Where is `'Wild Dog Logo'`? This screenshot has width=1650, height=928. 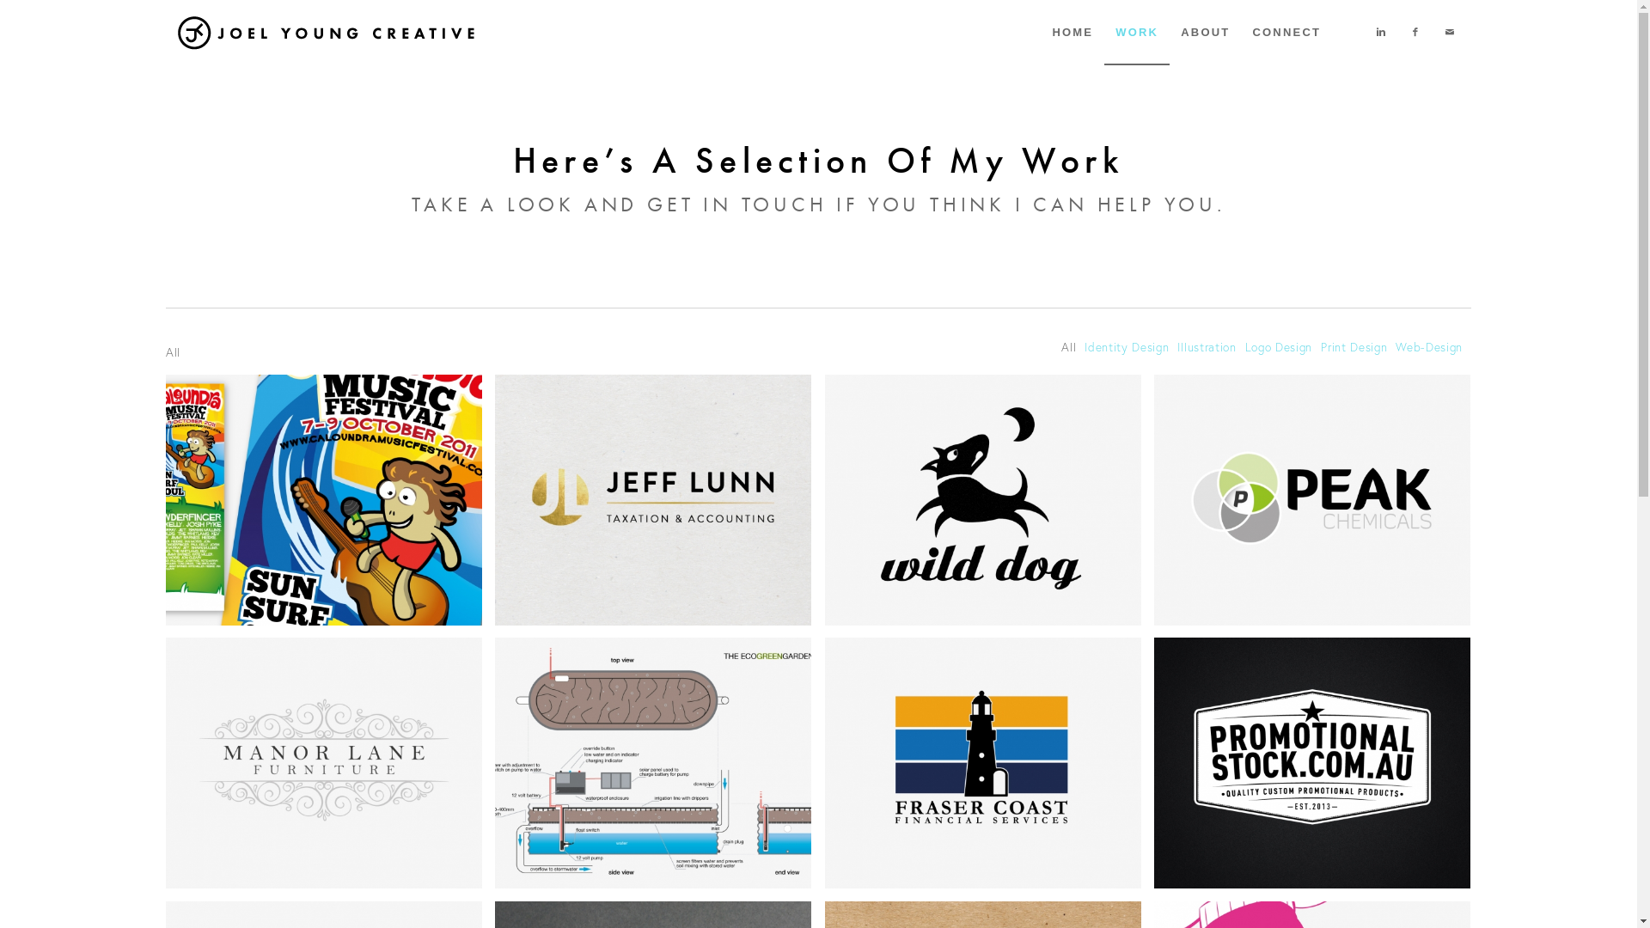 'Wild Dog Logo' is located at coordinates (990, 505).